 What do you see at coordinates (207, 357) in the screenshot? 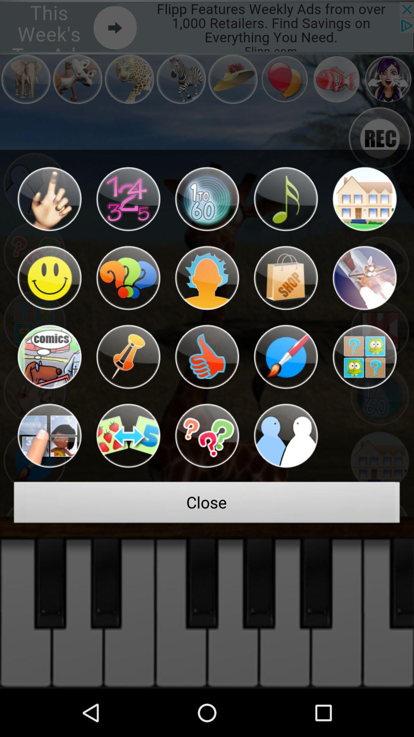
I see `like option` at bounding box center [207, 357].